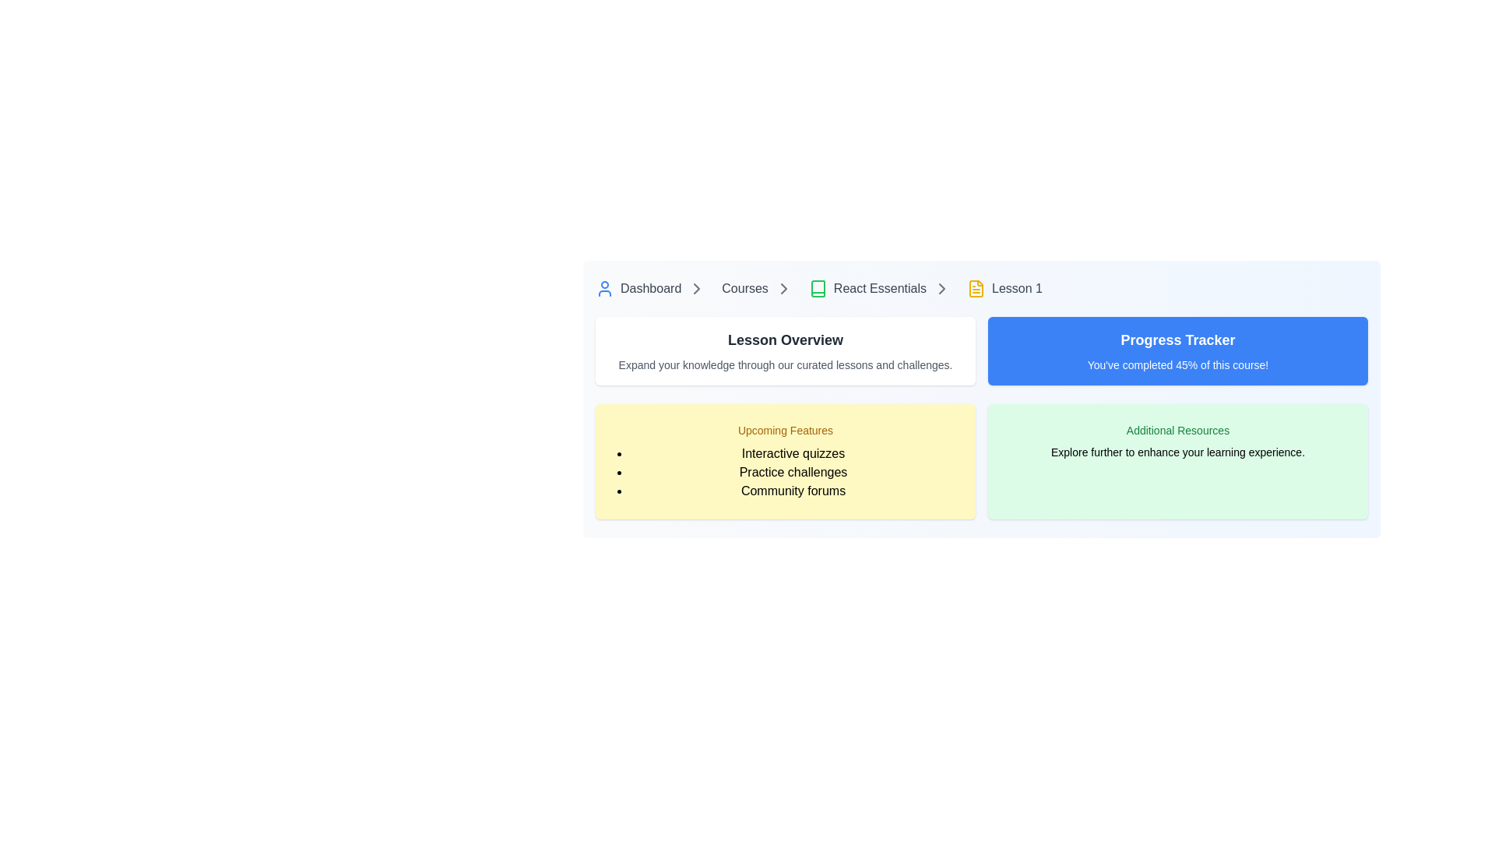 The height and width of the screenshot is (841, 1495). I want to click on the 'Courses' hyperlink element in the breadcrumb navigation bar, so click(744, 288).